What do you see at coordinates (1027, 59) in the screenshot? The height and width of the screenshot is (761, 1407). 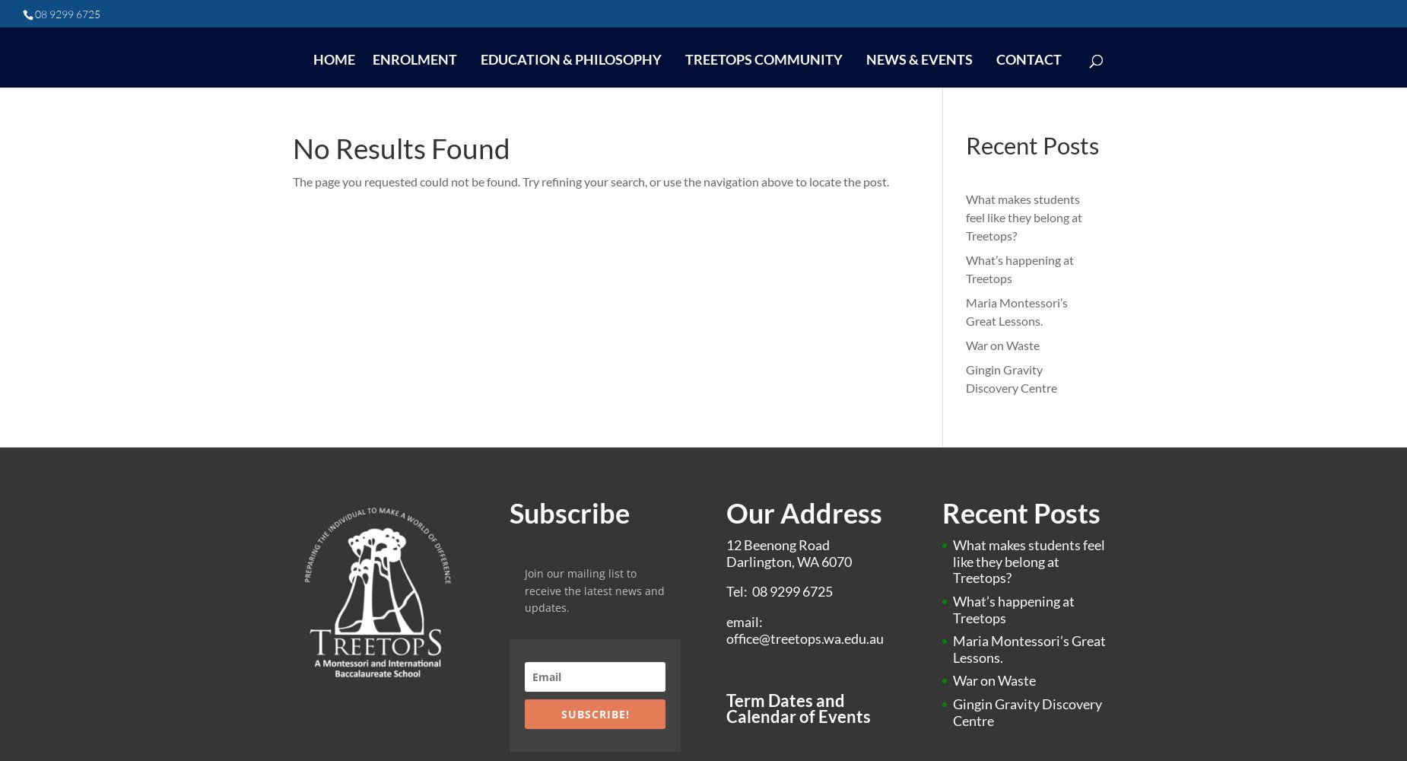 I see `'CONTACT'` at bounding box center [1027, 59].